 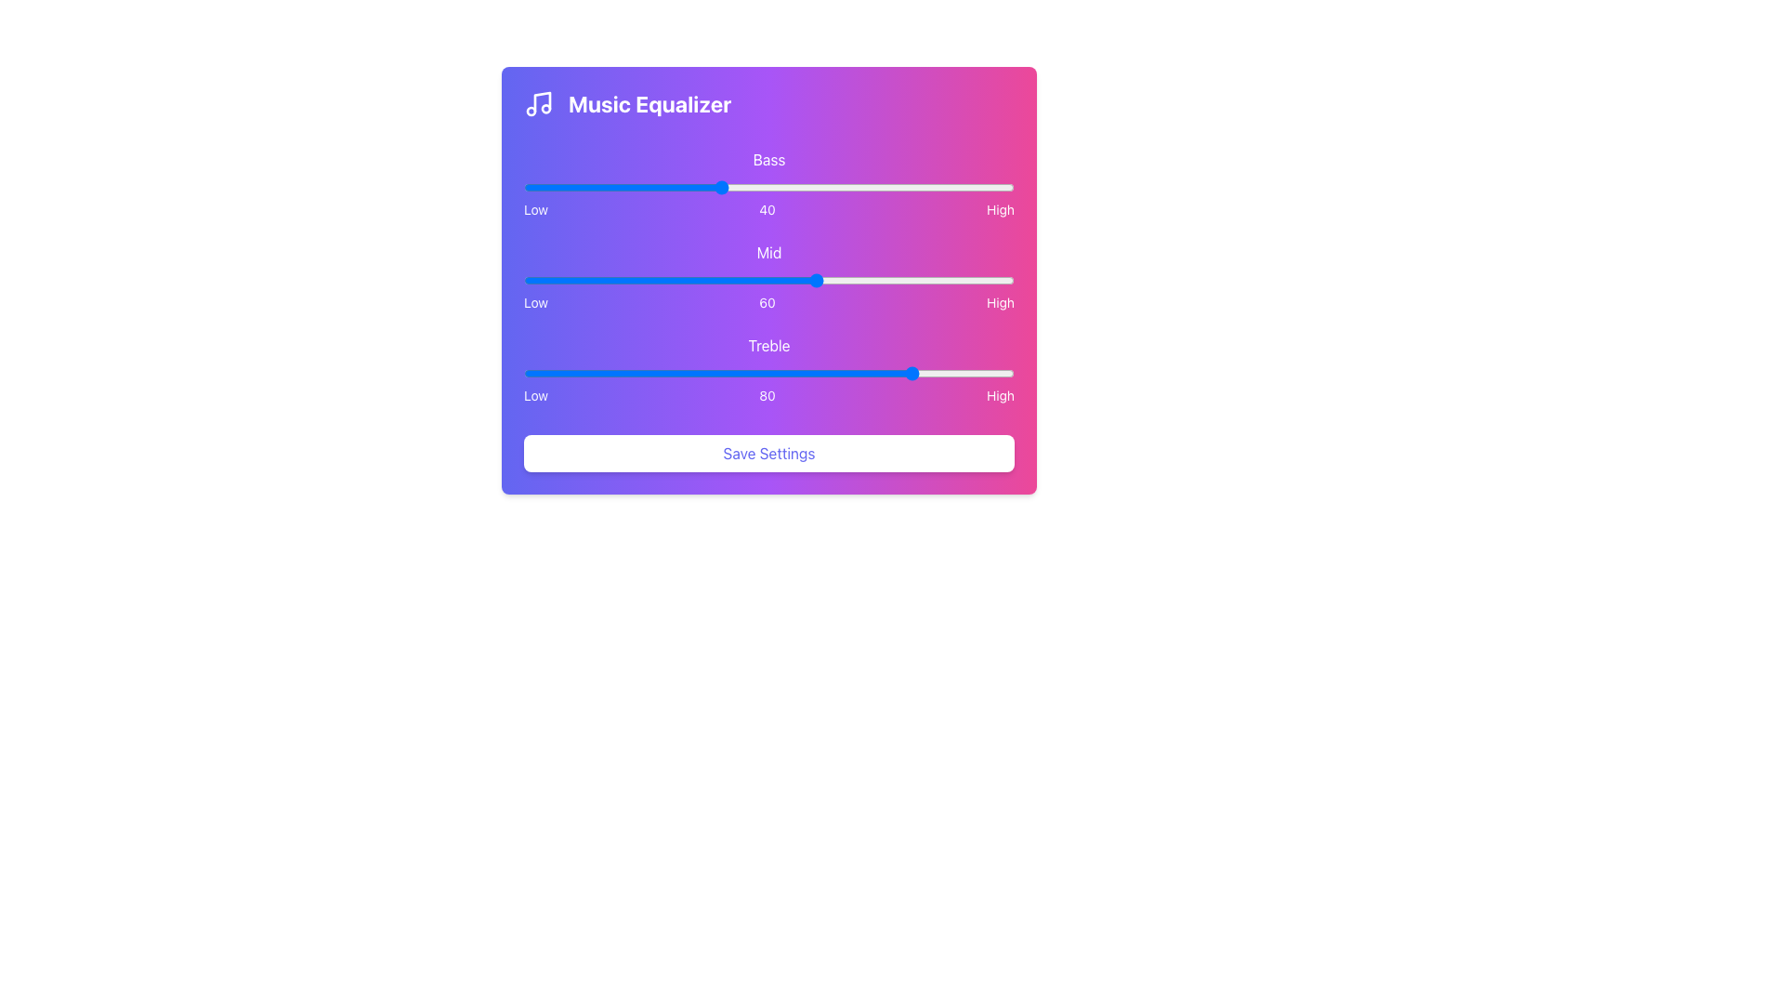 What do you see at coordinates (846, 373) in the screenshot?
I see `the treble level` at bounding box center [846, 373].